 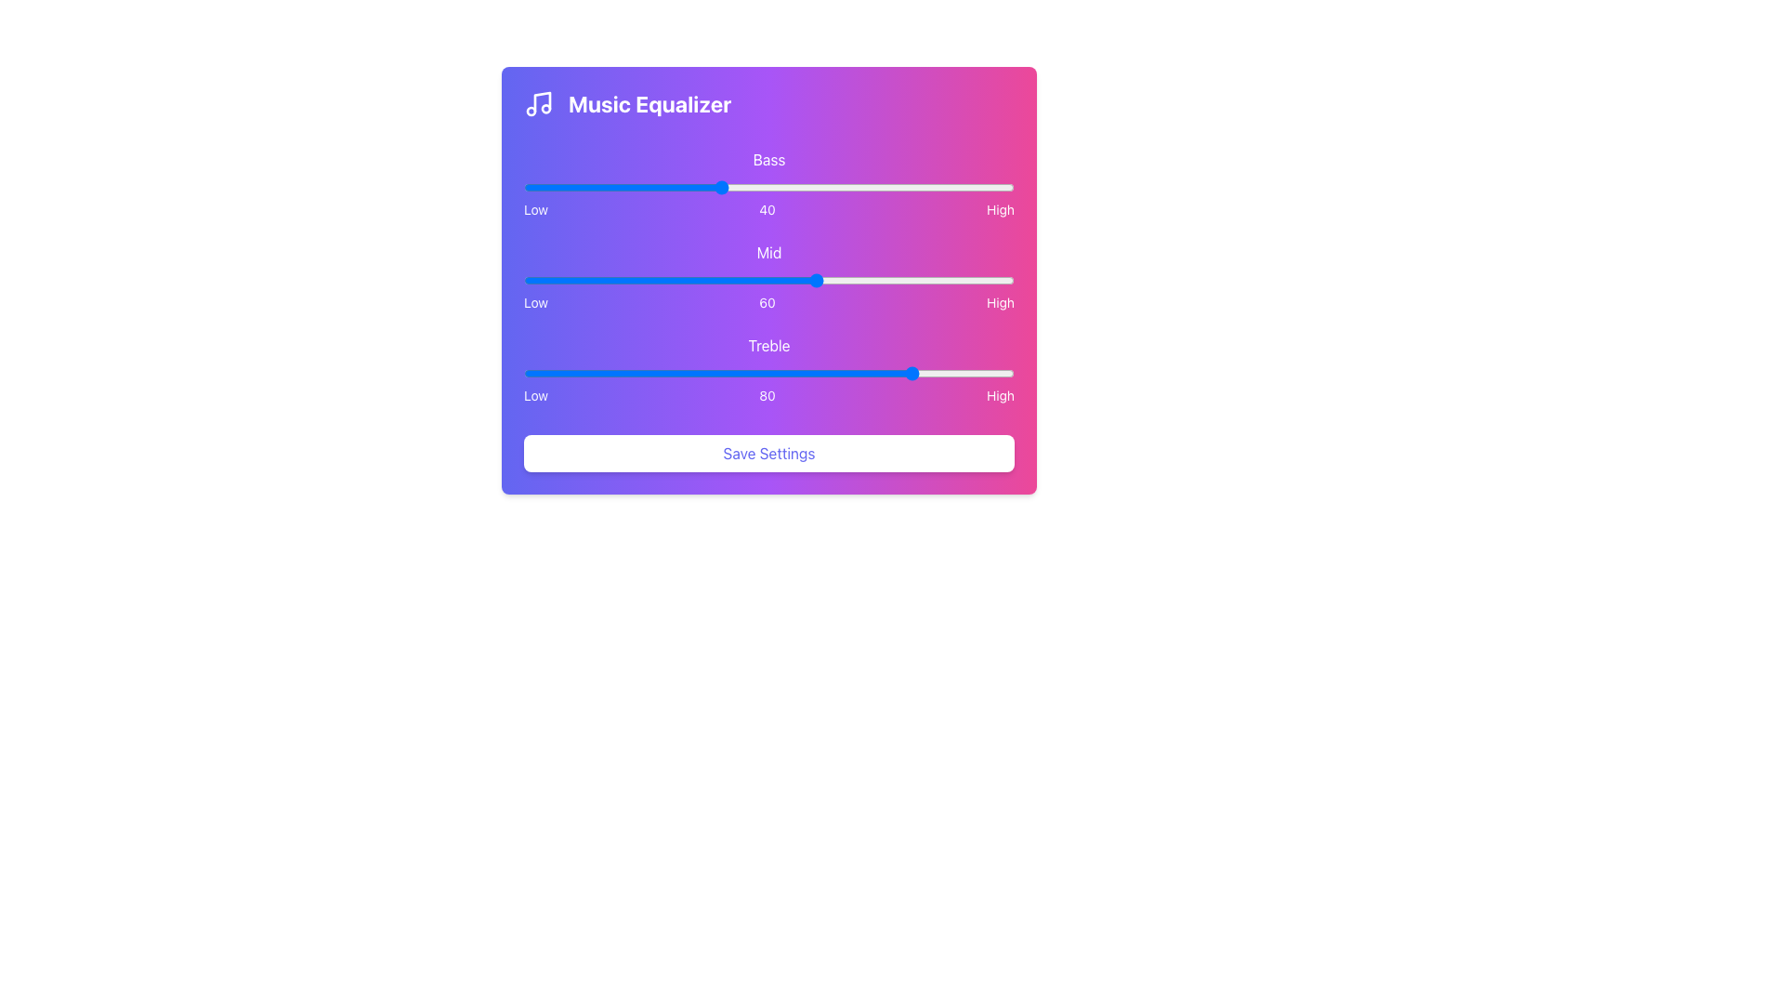 What do you see at coordinates (846, 373) in the screenshot?
I see `the treble level` at bounding box center [846, 373].